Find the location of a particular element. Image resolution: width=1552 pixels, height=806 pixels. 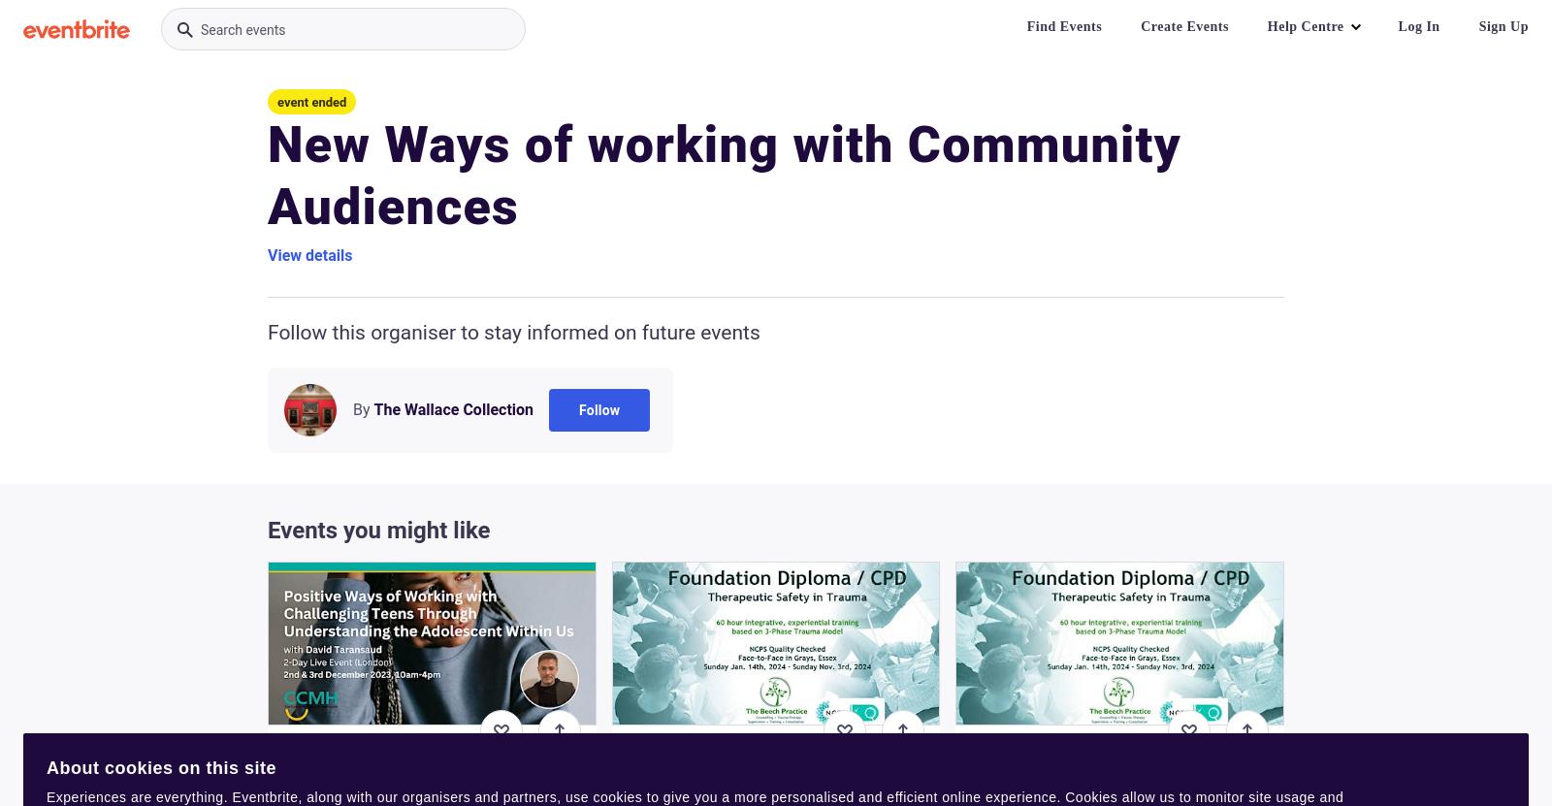

'Create Events' is located at coordinates (1141, 26).